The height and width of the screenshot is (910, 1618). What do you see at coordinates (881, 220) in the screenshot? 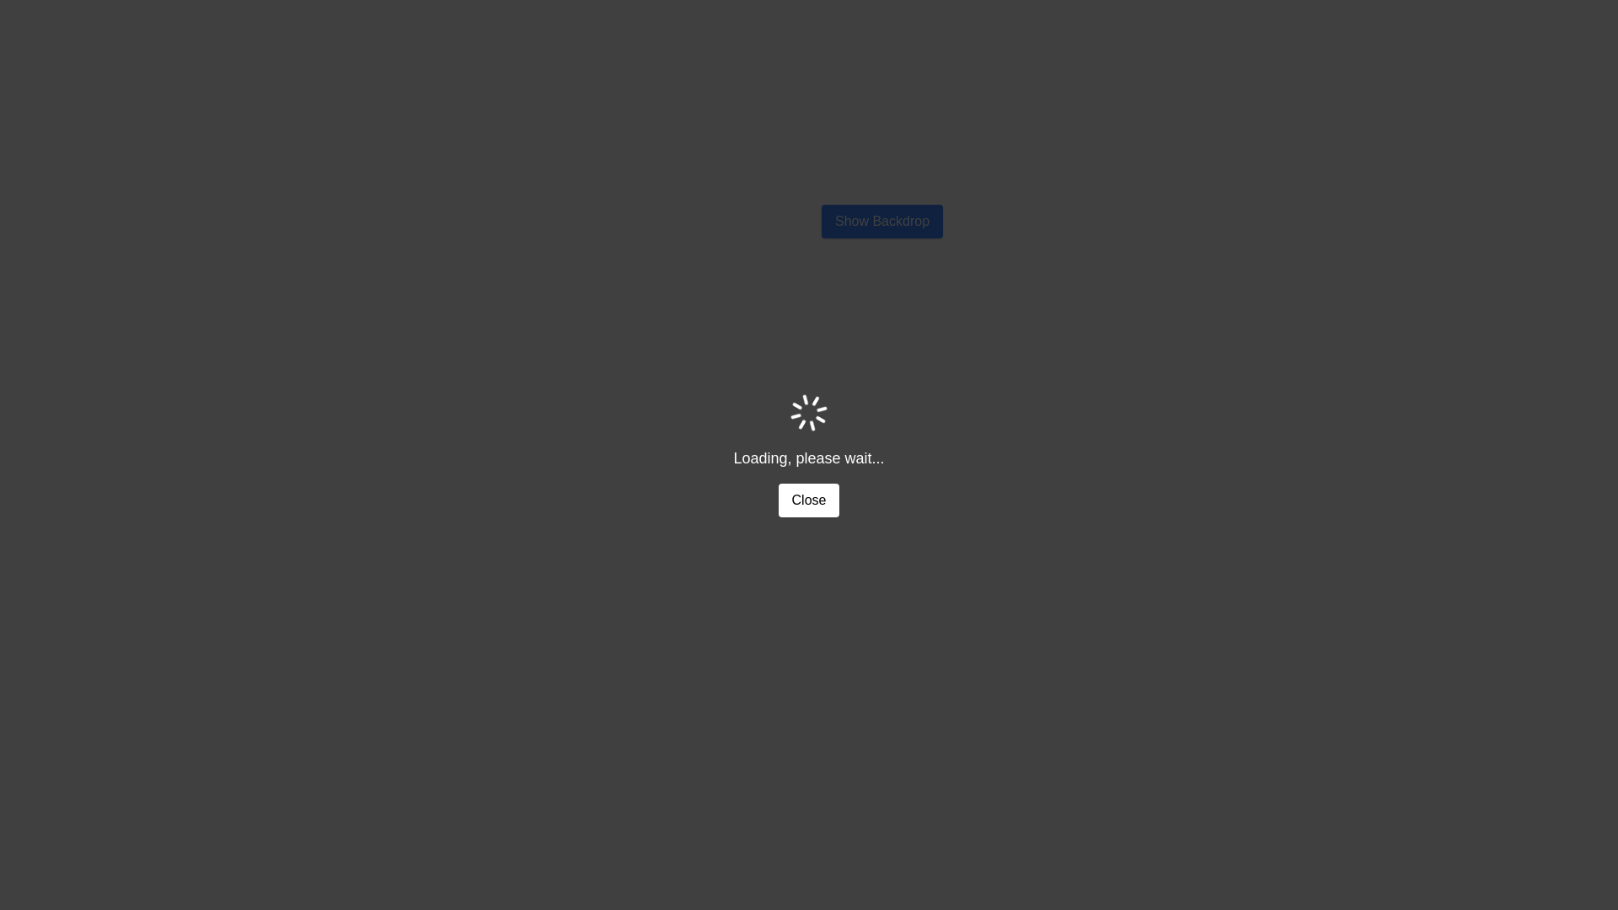
I see `the 'Show Backdrop' button, which has a blue background and white text, located at the top center of the dialog box` at bounding box center [881, 220].